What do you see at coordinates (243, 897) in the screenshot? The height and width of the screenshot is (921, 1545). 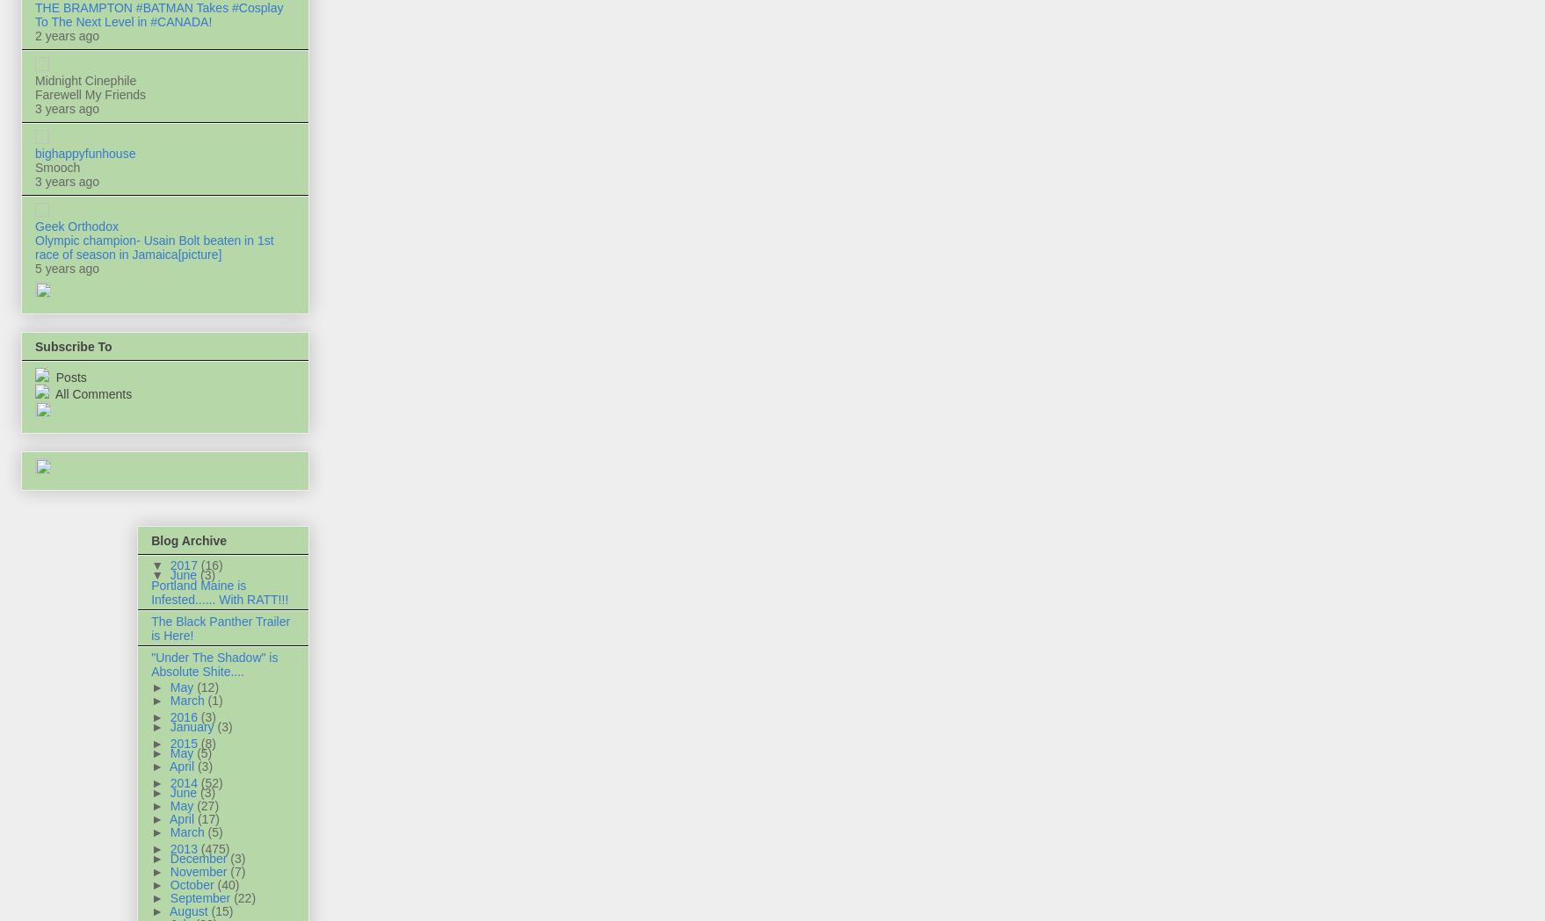 I see `'(22)'` at bounding box center [243, 897].